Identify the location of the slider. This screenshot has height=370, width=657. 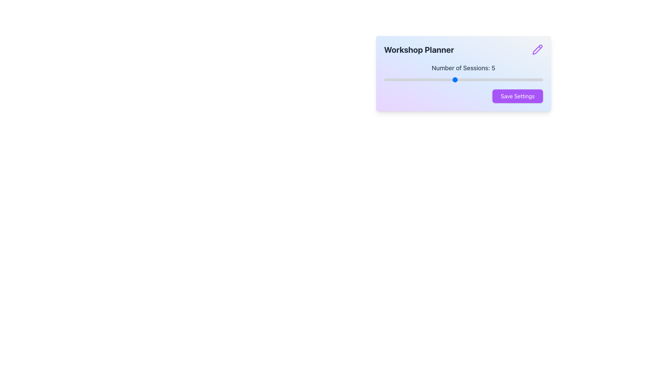
(489, 79).